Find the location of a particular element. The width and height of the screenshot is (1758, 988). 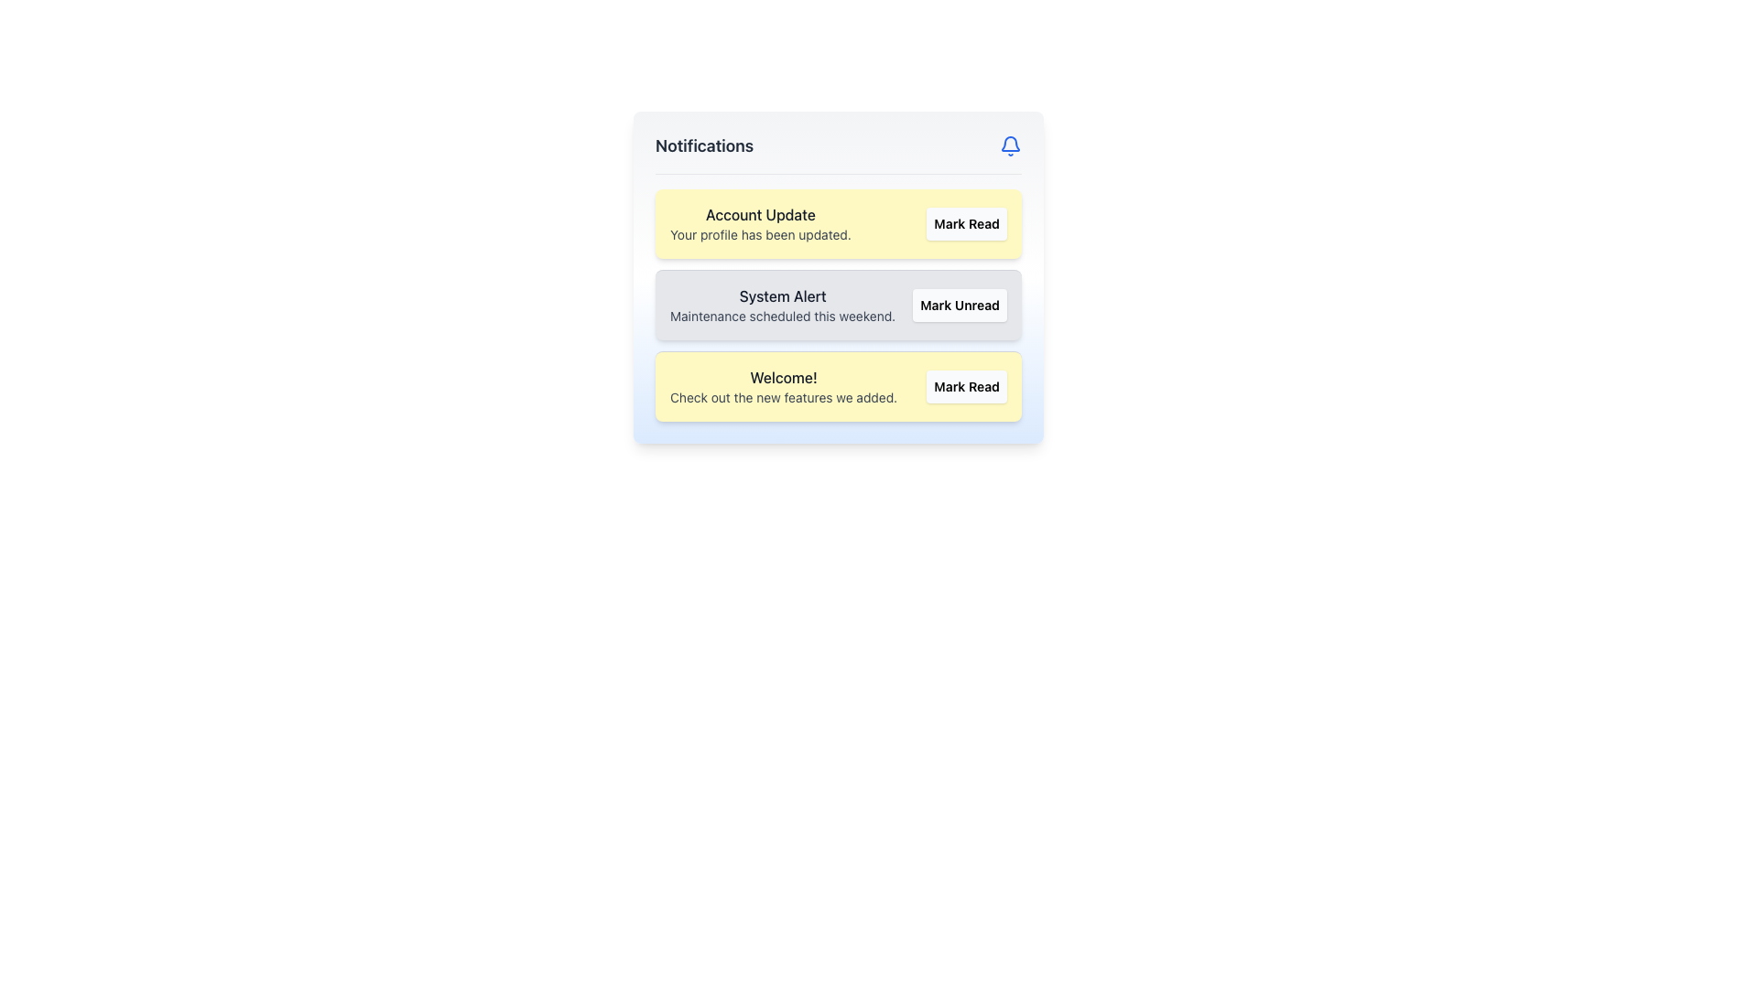

the notification message in the third notification block that informs the user of new features added is located at coordinates (784, 386).